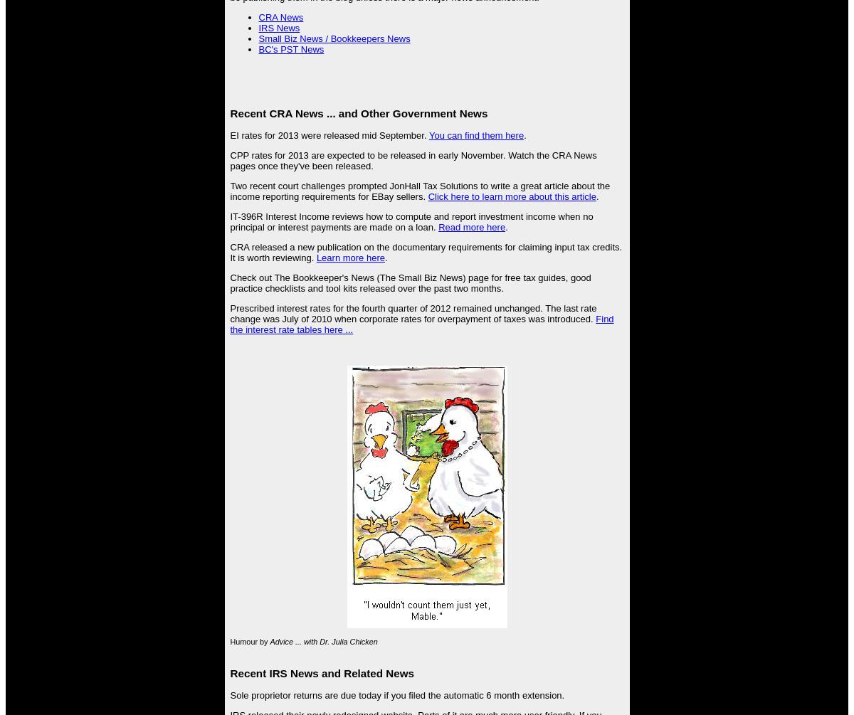 This screenshot has width=854, height=715. I want to click on 'Read more here', so click(438, 226).